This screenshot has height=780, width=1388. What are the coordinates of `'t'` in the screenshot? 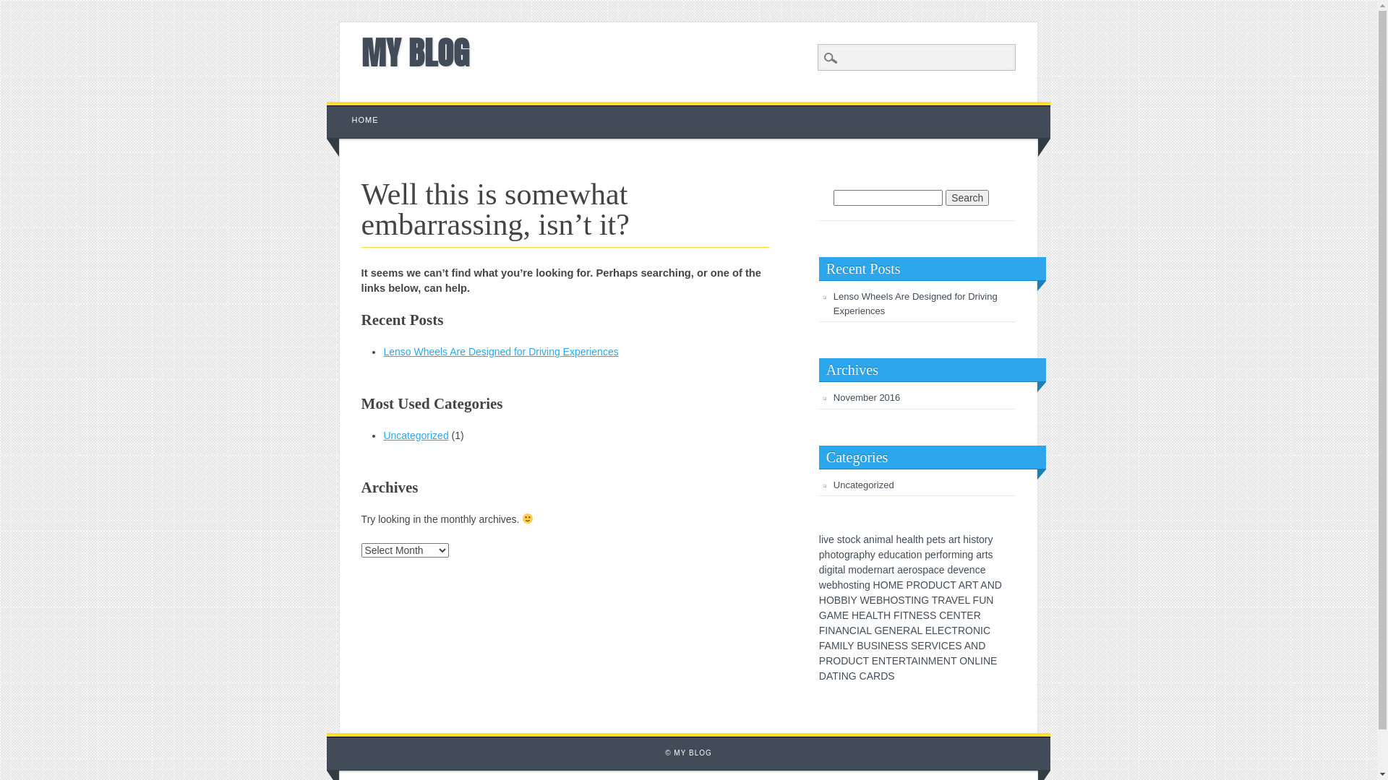 It's located at (843, 539).